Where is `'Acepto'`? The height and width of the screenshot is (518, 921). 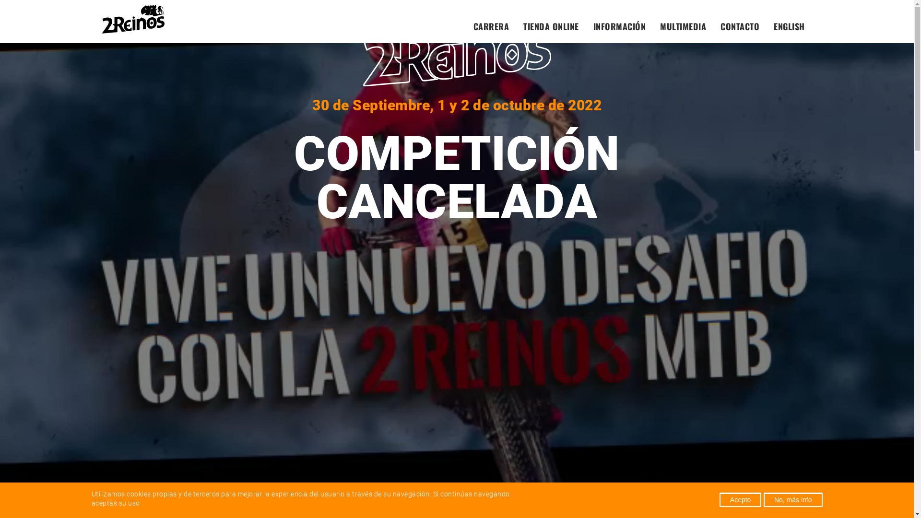 'Acepto' is located at coordinates (740, 499).